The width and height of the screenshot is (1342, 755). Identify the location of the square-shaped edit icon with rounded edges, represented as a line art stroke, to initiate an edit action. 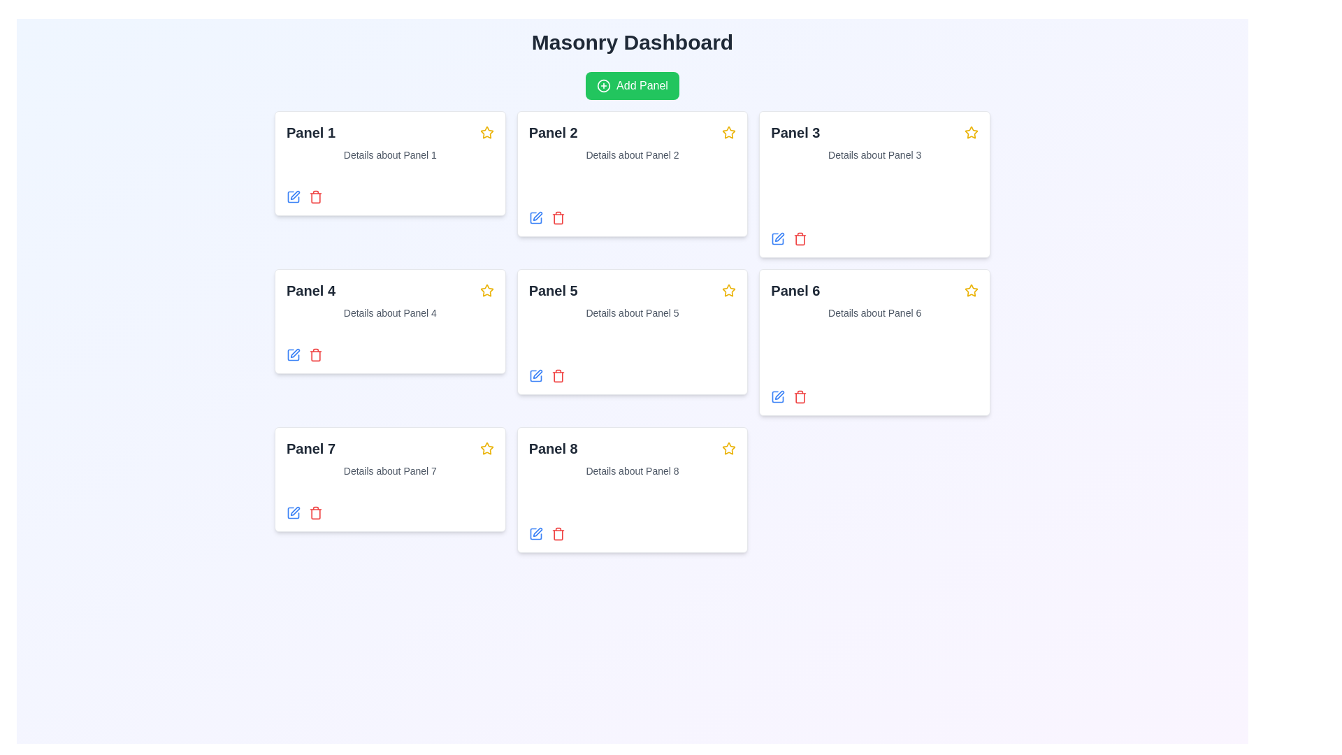
(535, 533).